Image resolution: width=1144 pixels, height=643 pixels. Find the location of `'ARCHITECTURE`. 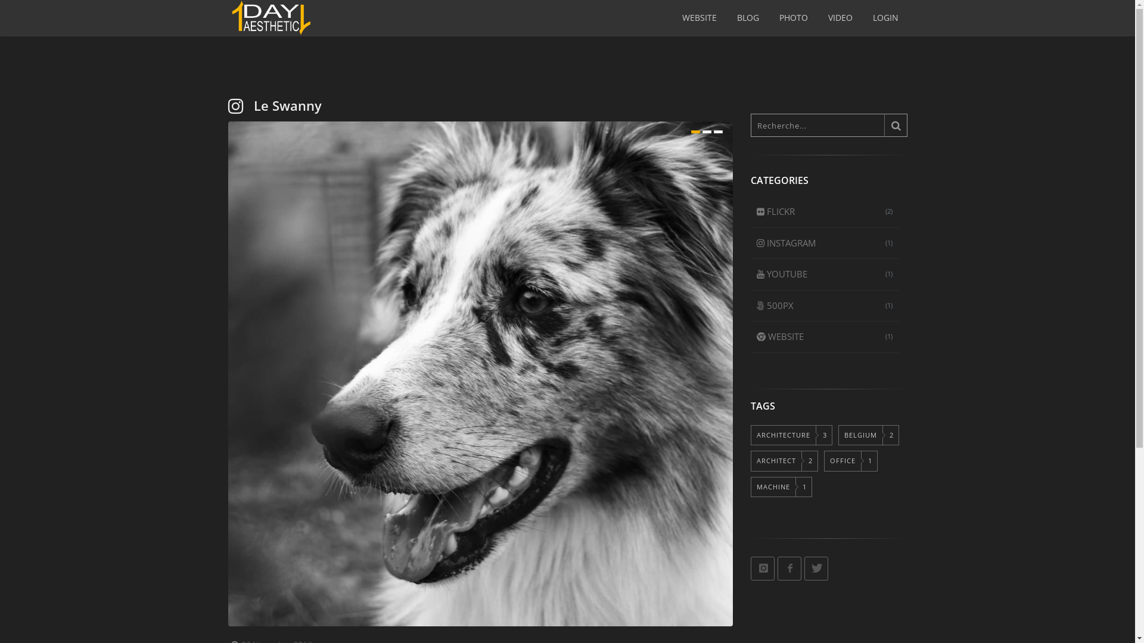

'ARCHITECTURE is located at coordinates (791, 435).